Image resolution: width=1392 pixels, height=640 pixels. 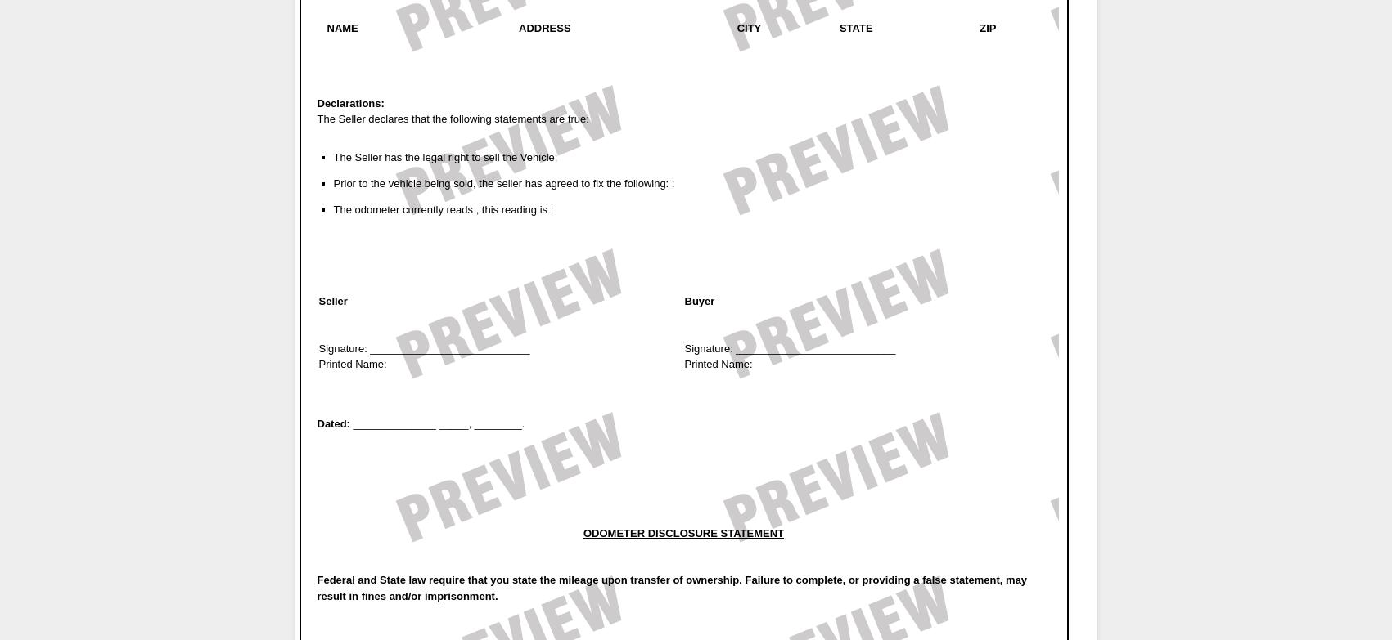 I want to click on 'CITY', so click(x=747, y=28).